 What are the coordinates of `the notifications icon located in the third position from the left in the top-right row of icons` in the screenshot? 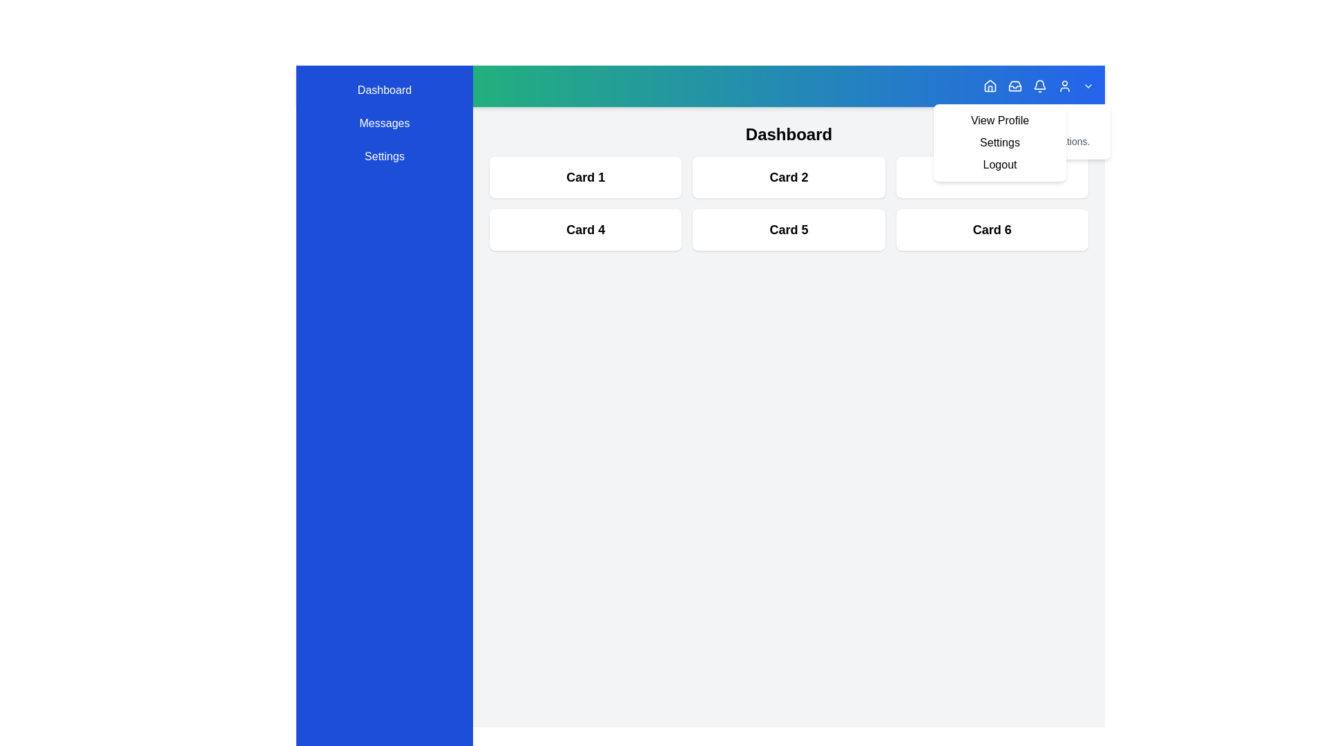 It's located at (1038, 86).